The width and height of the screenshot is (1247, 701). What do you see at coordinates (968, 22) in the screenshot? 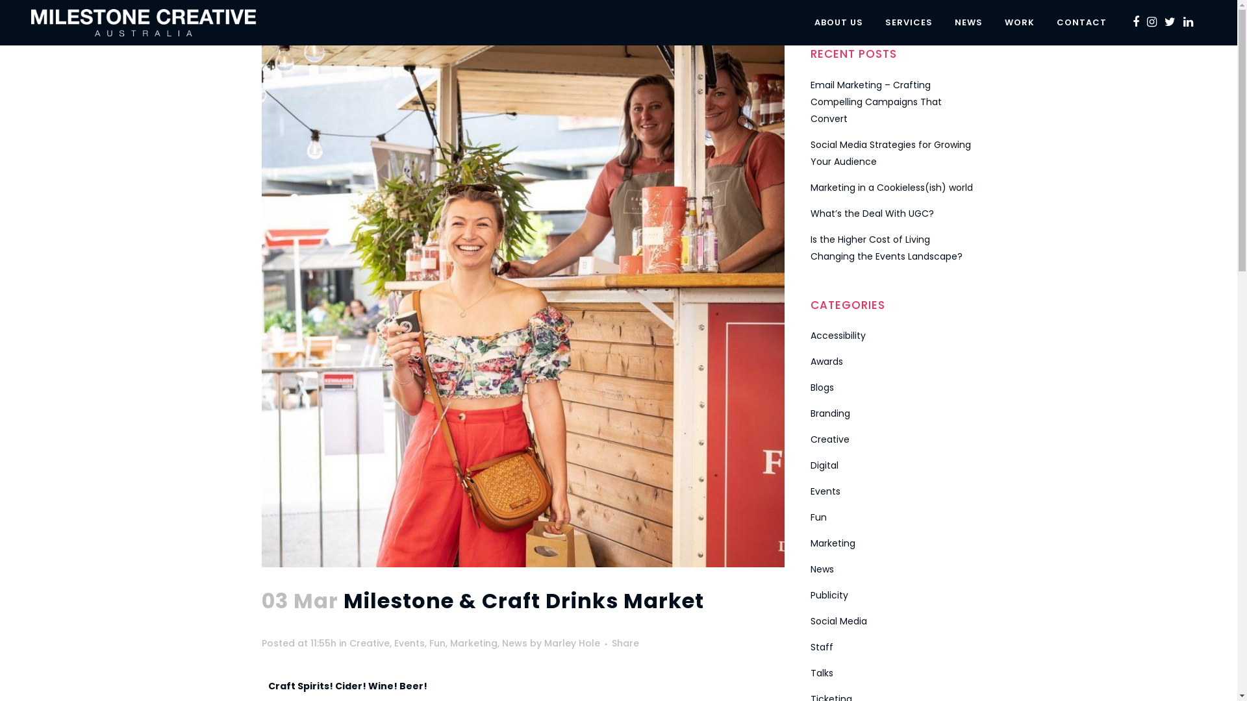
I see `'NEWS'` at bounding box center [968, 22].